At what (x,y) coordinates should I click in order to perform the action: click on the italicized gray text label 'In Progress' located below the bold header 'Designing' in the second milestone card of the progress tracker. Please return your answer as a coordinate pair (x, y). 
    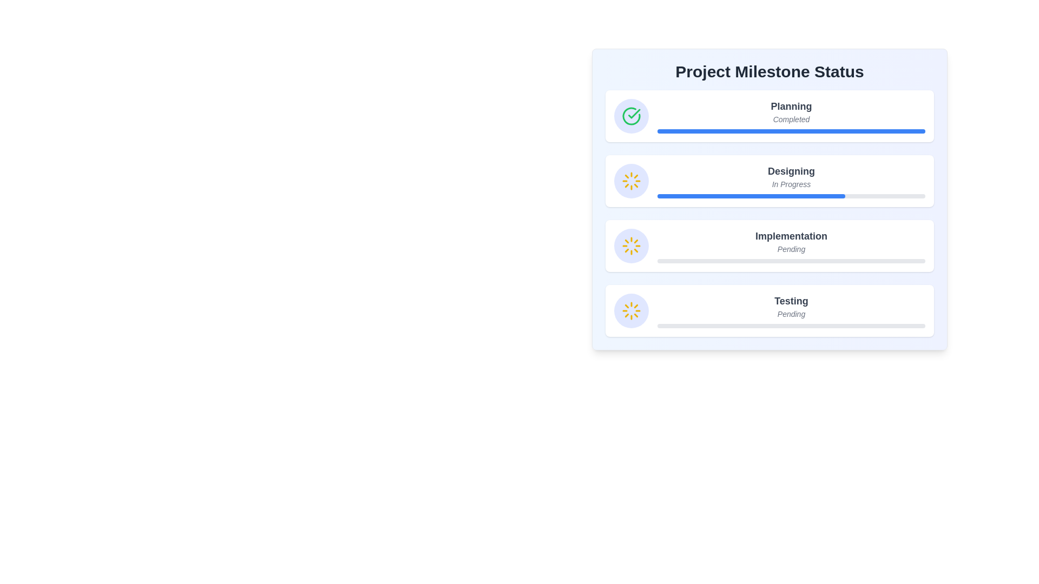
    Looking at the image, I should click on (791, 183).